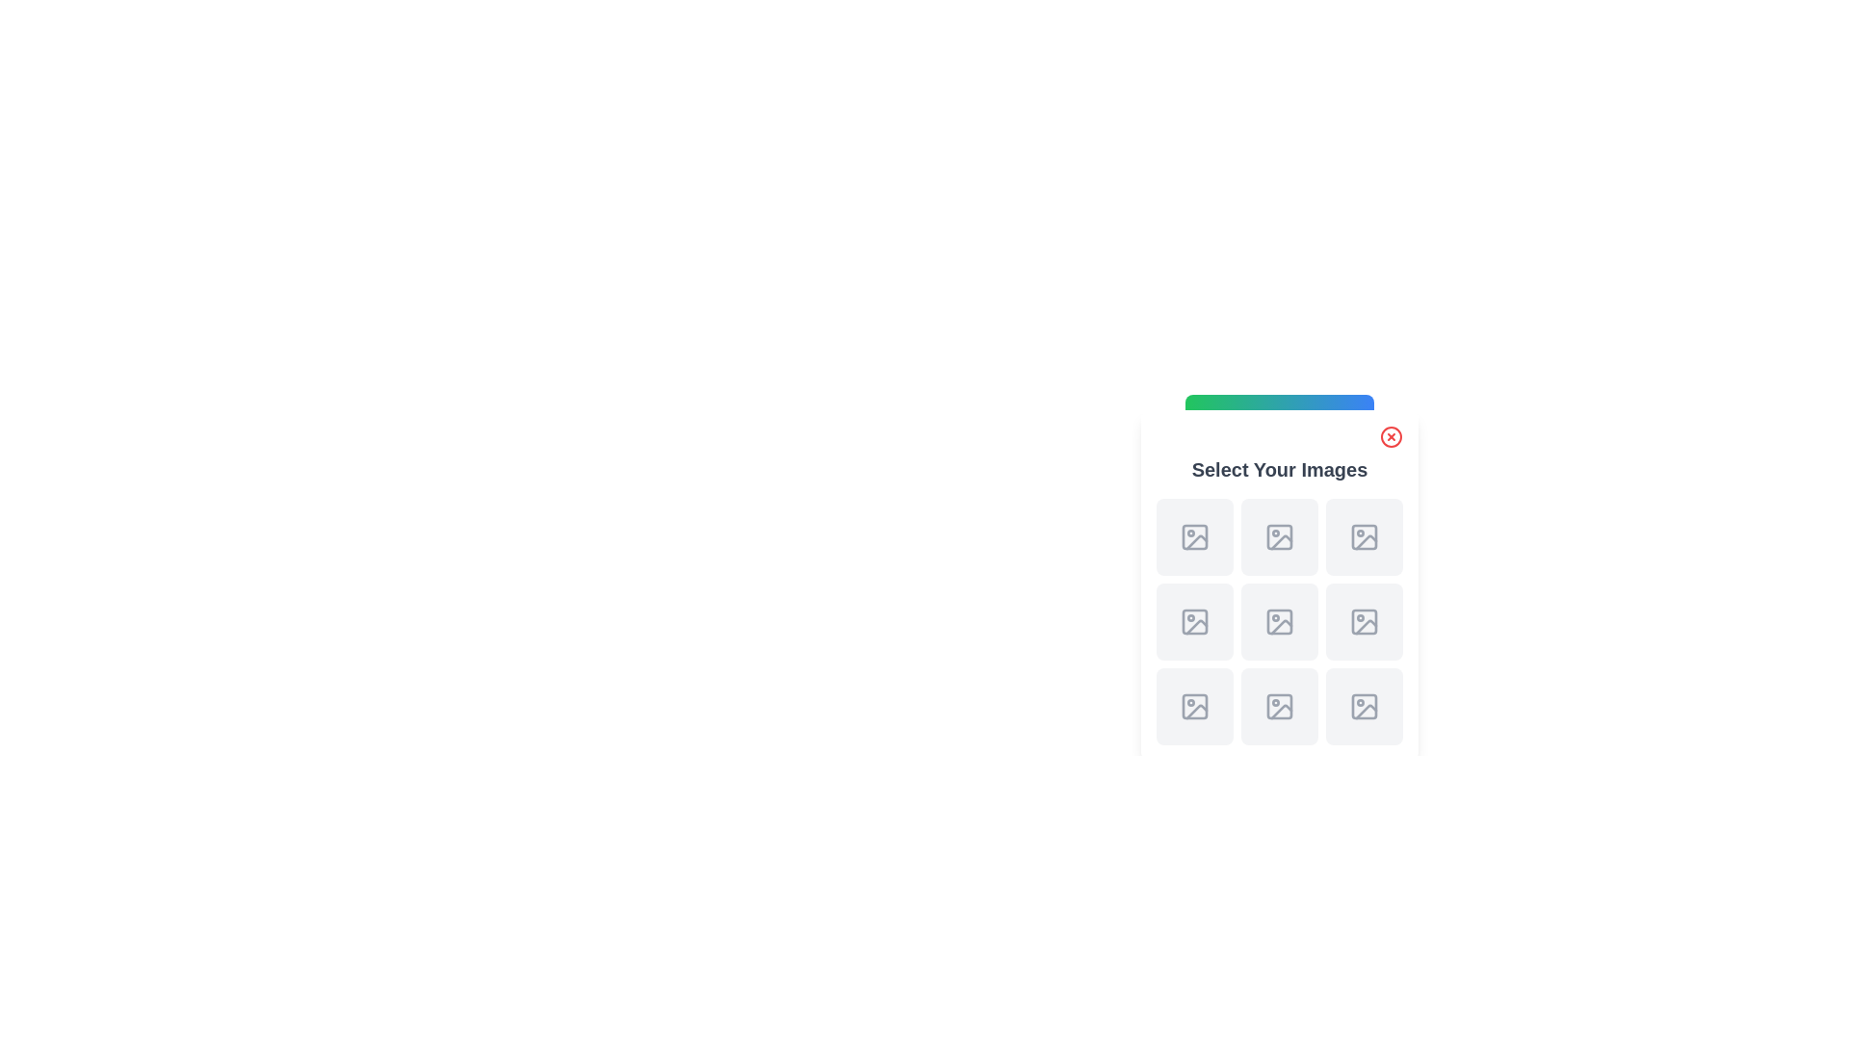 The height and width of the screenshot is (1040, 1849). I want to click on the rectangular graphical shape with rounded corners, styled in a neutral gray tone, located in the center column of the second row in the 'Select Your Images' section, so click(1280, 621).